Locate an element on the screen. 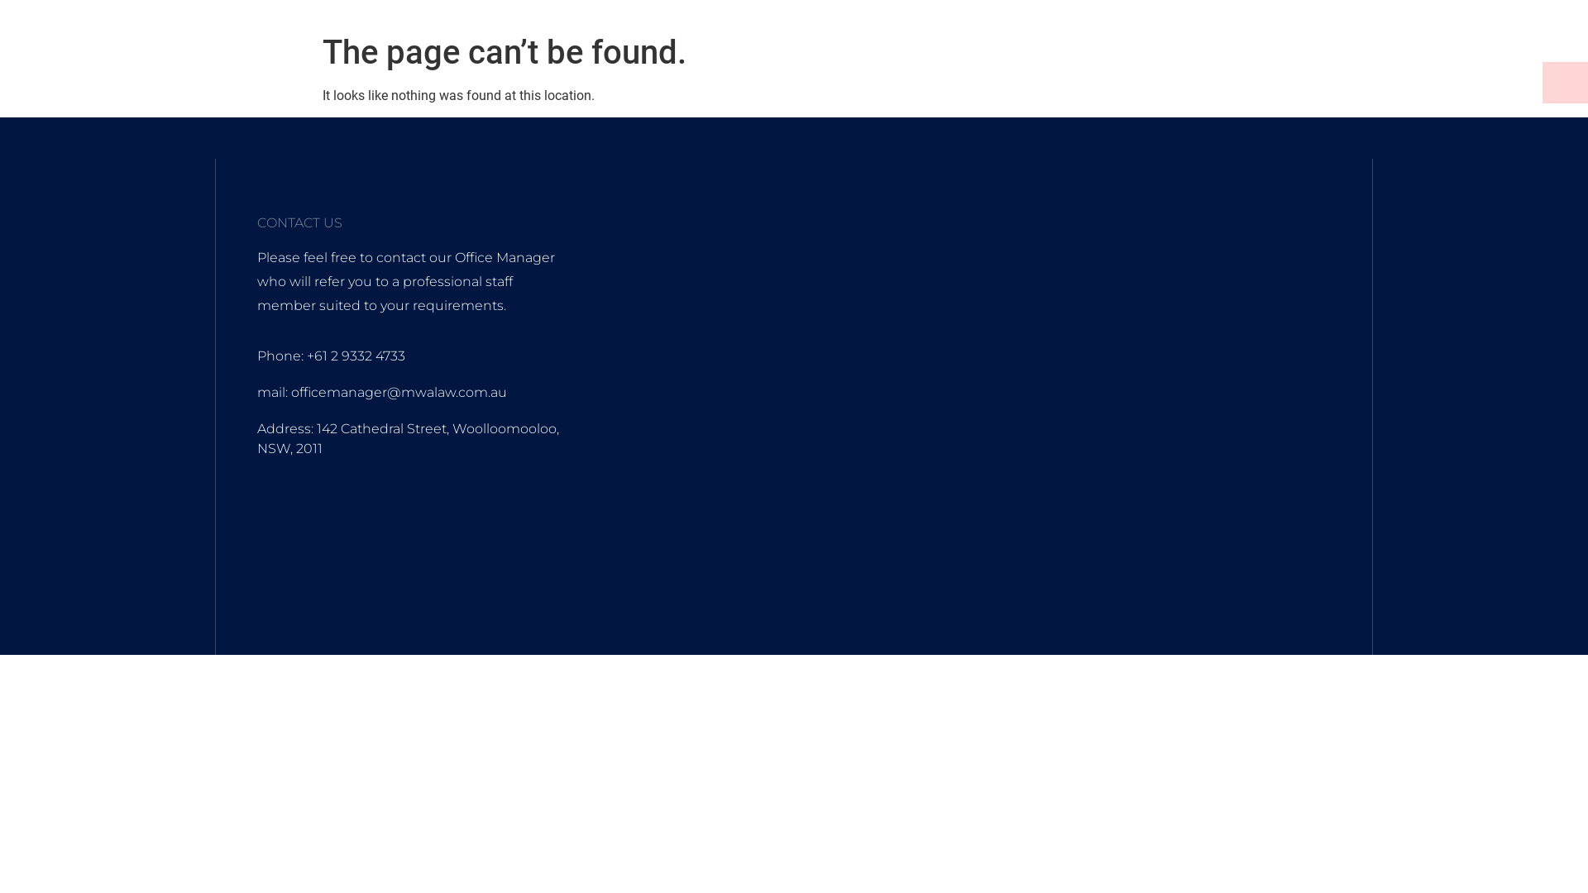 Image resolution: width=1588 pixels, height=893 pixels. 'mwa lawyers' is located at coordinates (988, 423).